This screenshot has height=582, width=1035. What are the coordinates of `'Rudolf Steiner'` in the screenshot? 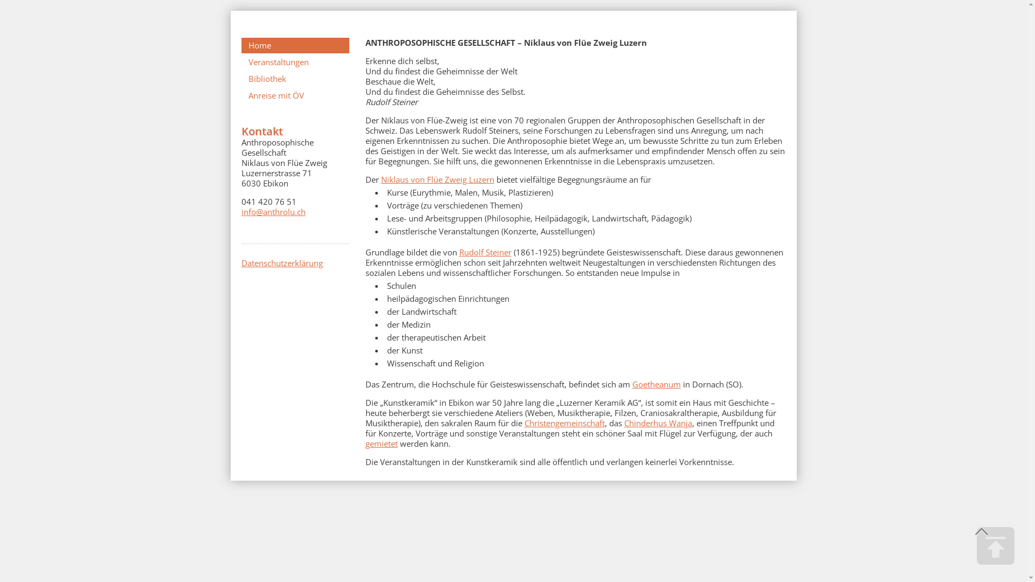 It's located at (485, 252).